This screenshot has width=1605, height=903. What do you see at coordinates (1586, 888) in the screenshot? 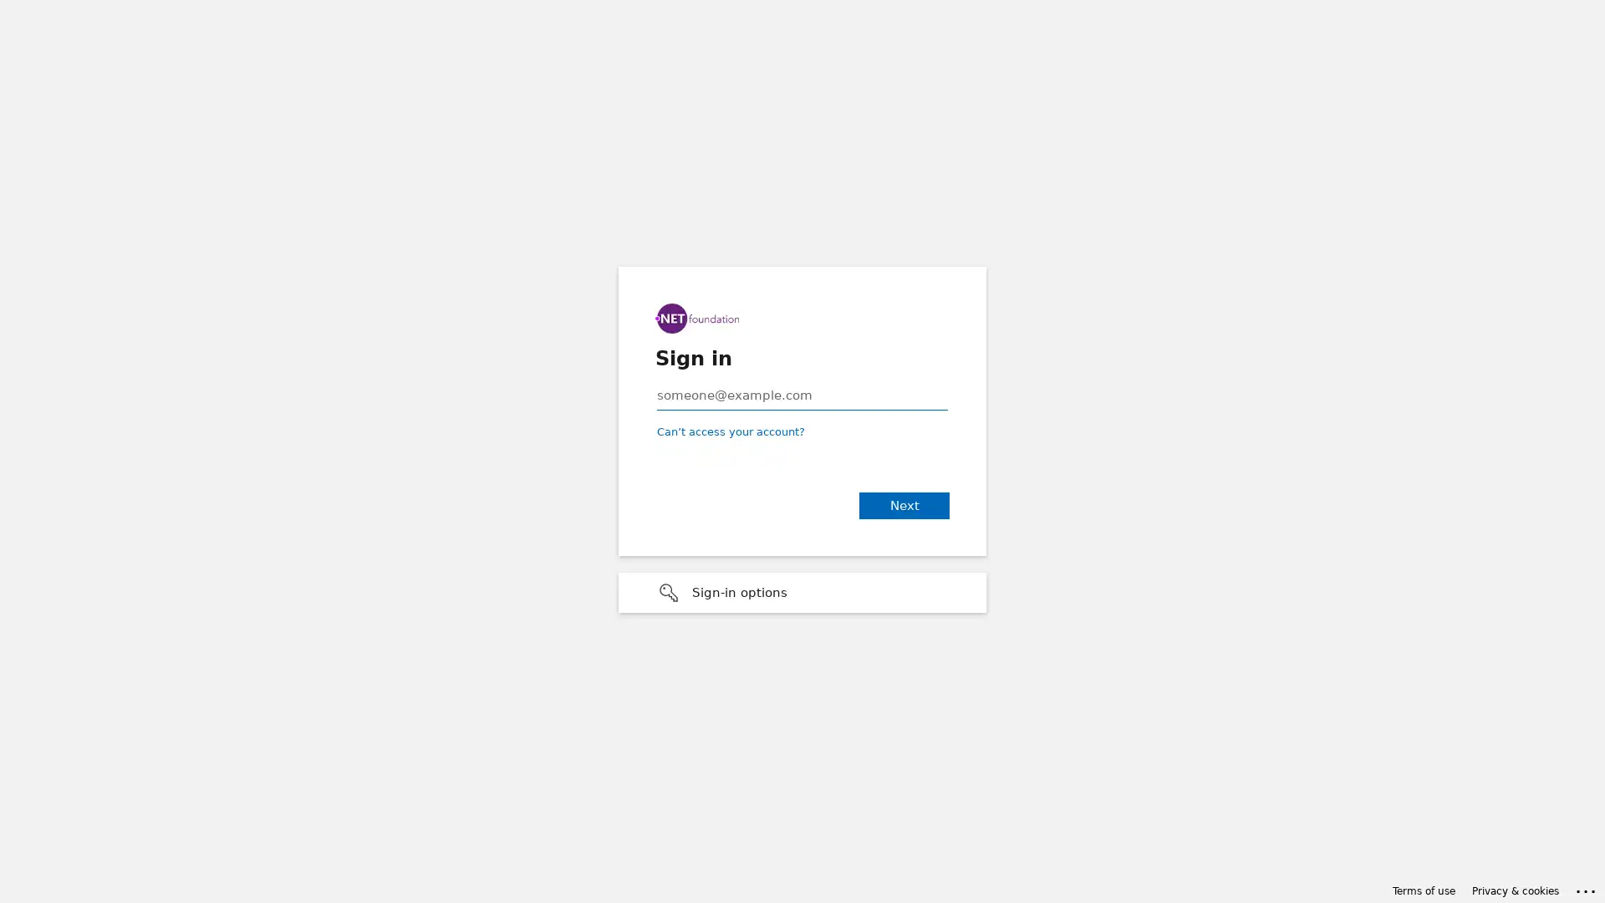
I see `Click here for troubleshooting information` at bounding box center [1586, 888].